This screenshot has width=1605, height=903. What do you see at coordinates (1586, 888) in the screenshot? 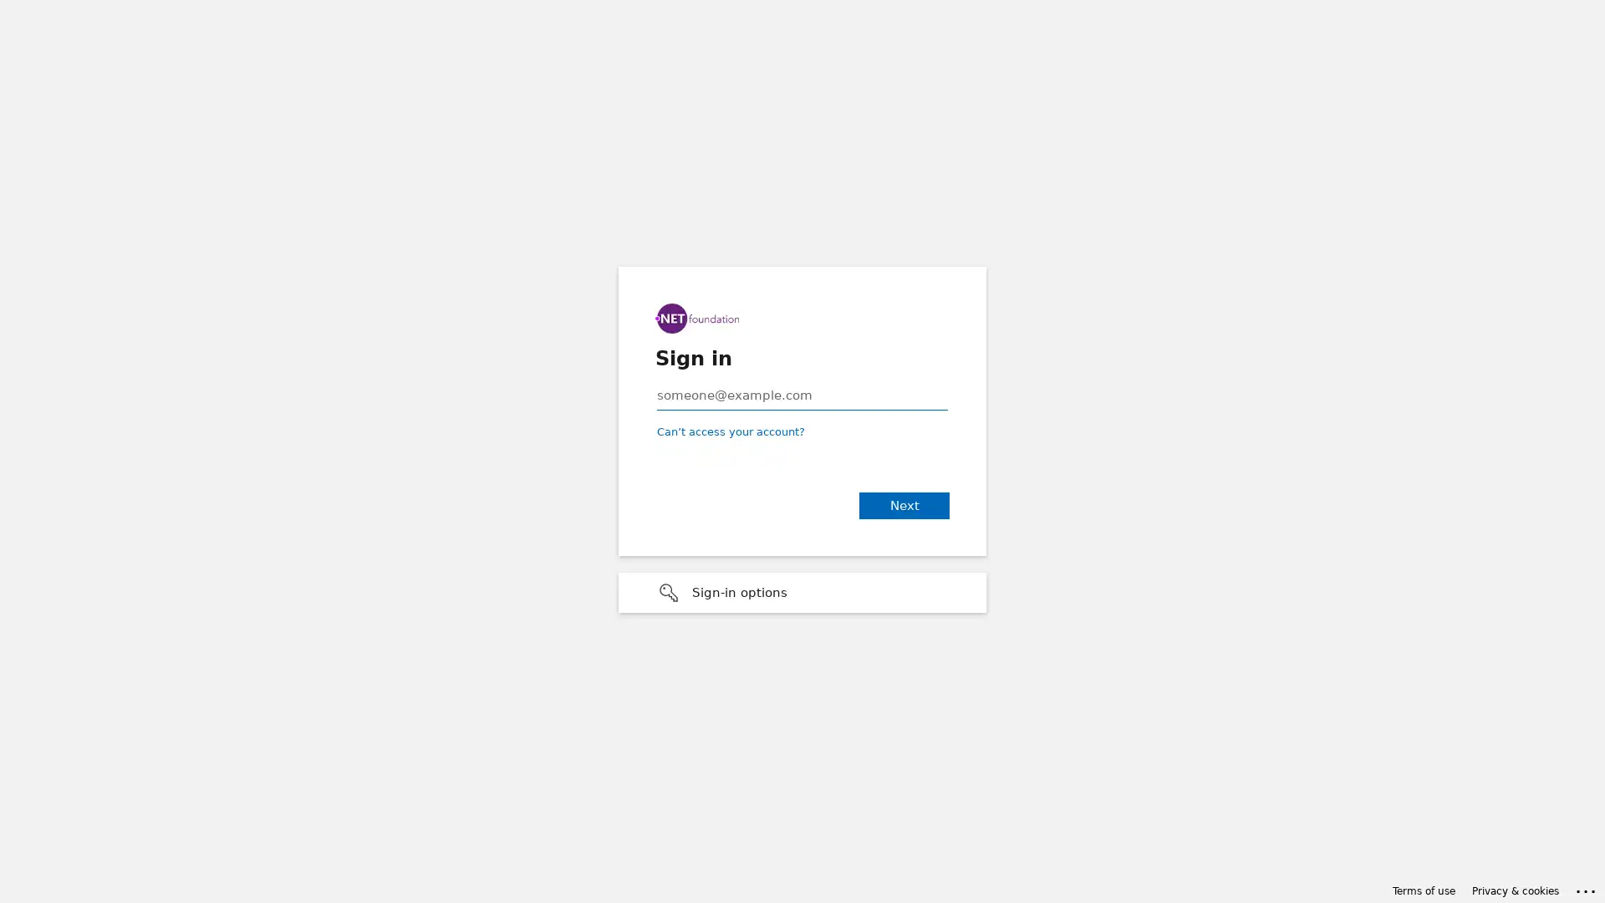
I see `Click here for troubleshooting information` at bounding box center [1586, 888].